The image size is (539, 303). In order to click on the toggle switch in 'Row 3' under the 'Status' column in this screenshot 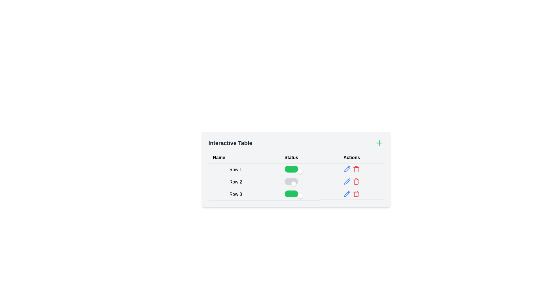, I will do `click(291, 193)`.